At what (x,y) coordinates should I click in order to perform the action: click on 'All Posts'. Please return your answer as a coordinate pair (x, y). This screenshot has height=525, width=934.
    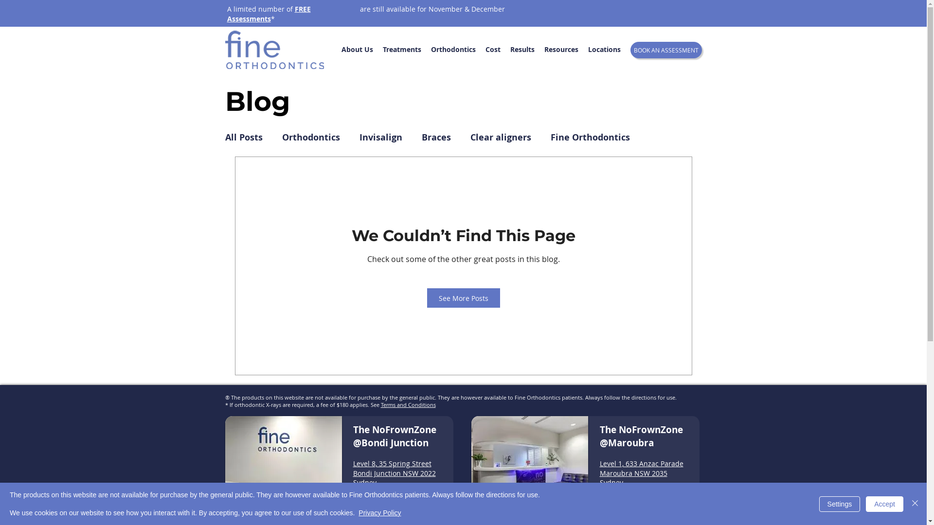
    Looking at the image, I should click on (243, 137).